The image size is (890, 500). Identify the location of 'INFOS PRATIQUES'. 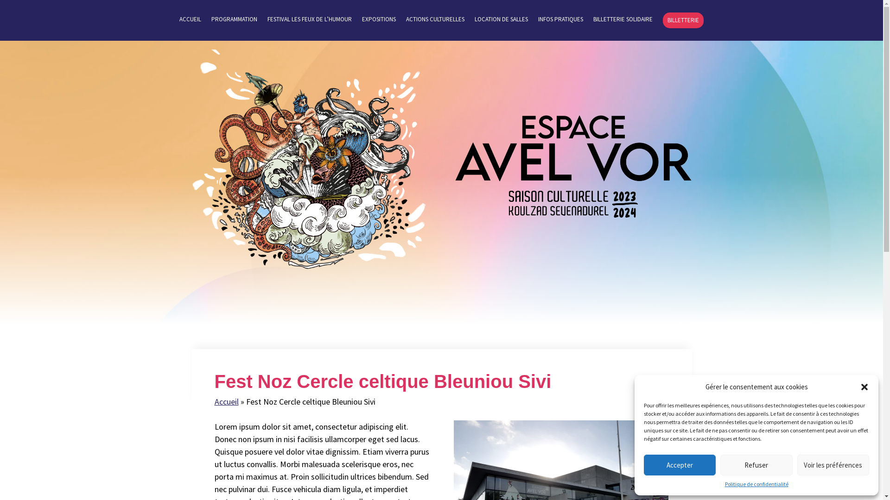
(538, 21).